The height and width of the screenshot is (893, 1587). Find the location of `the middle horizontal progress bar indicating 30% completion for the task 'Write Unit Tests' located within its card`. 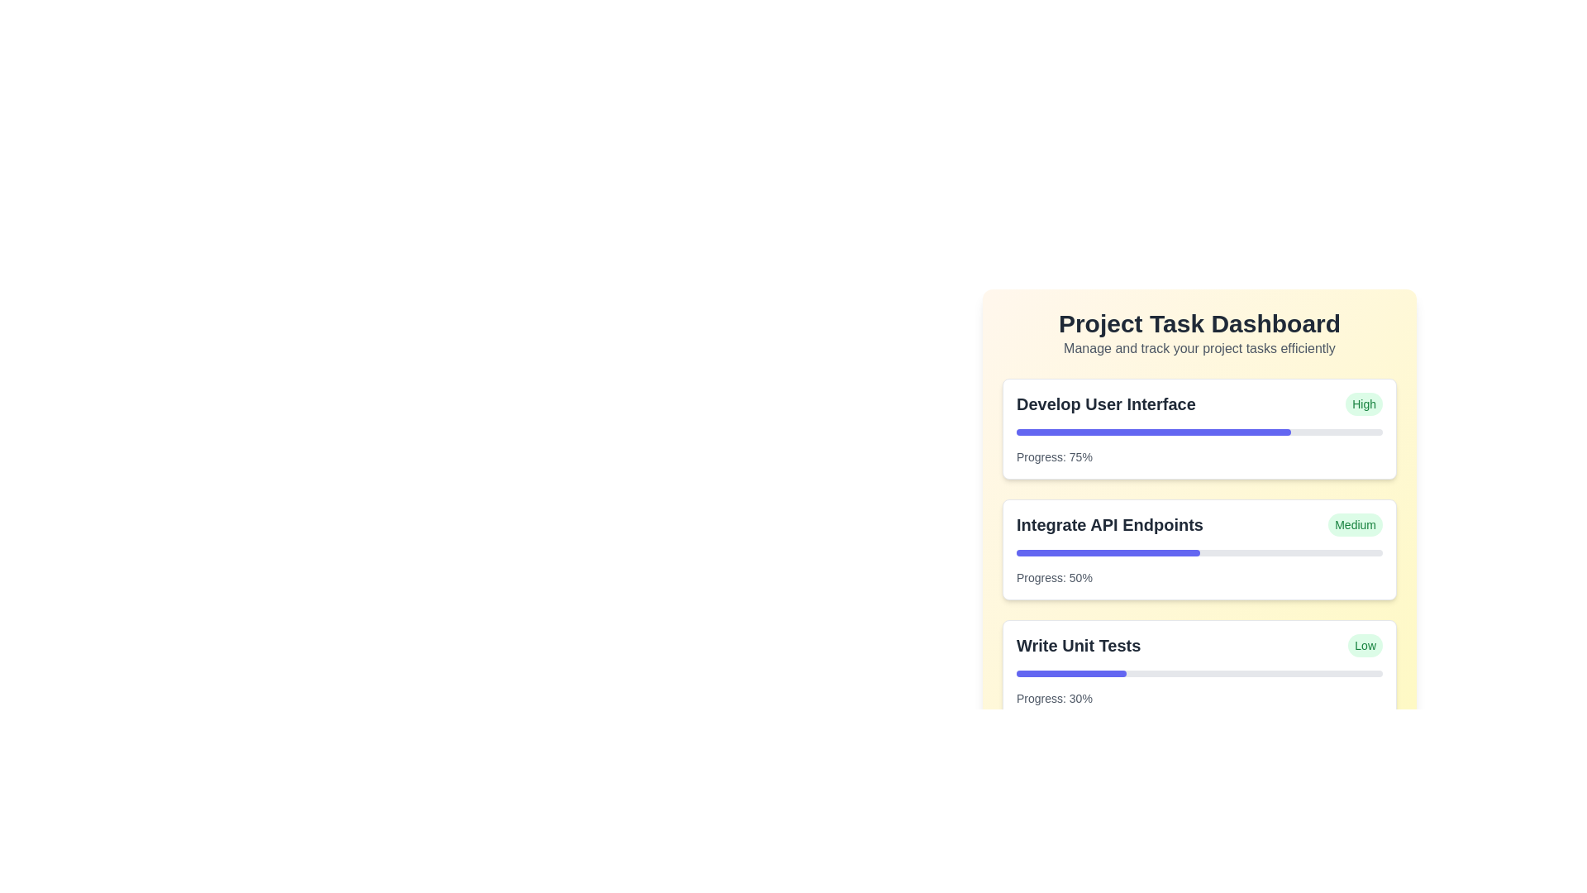

the middle horizontal progress bar indicating 30% completion for the task 'Write Unit Tests' located within its card is located at coordinates (1199, 673).